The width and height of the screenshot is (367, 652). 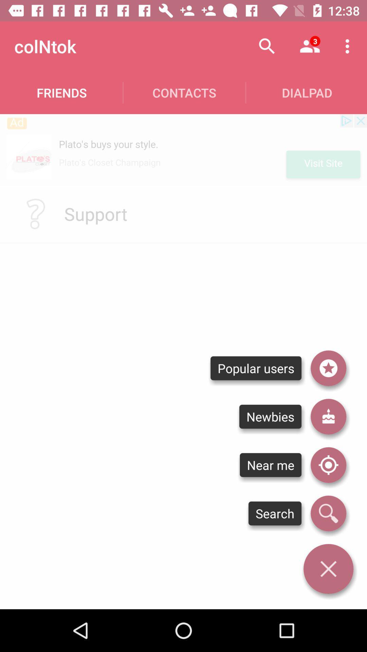 I want to click on the support, so click(x=95, y=213).